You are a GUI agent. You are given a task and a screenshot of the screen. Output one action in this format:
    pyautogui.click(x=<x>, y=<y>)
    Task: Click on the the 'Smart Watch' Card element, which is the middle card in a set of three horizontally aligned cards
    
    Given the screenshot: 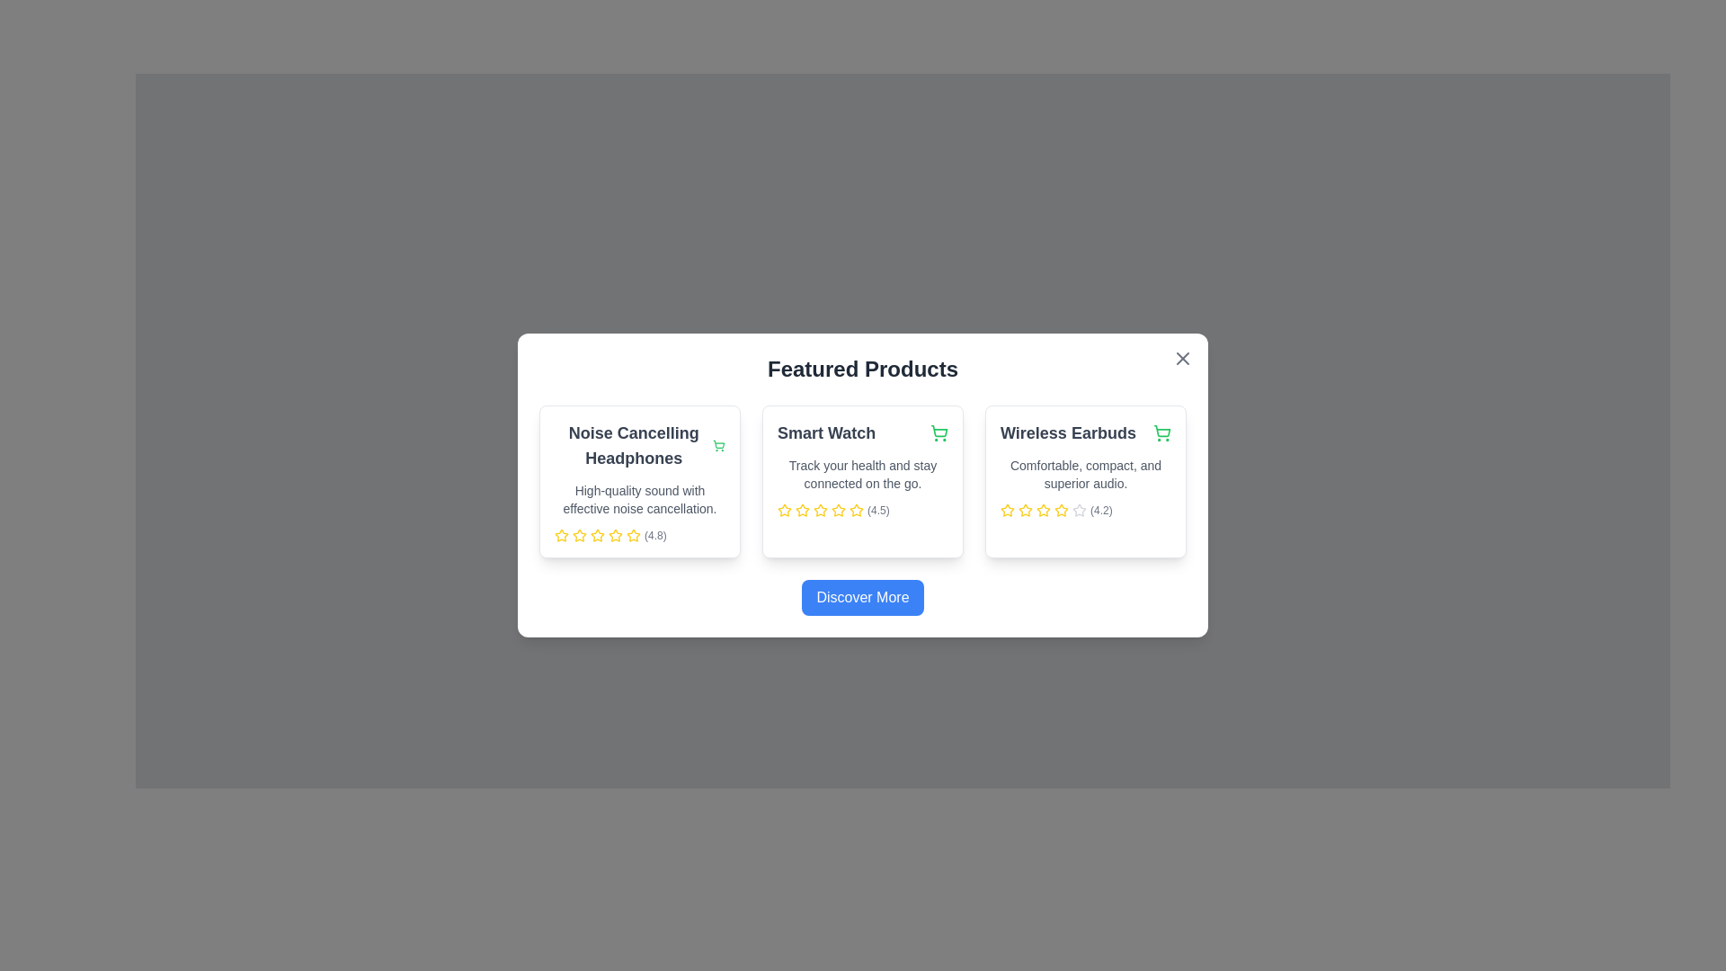 What is the action you would take?
    pyautogui.click(x=863, y=481)
    